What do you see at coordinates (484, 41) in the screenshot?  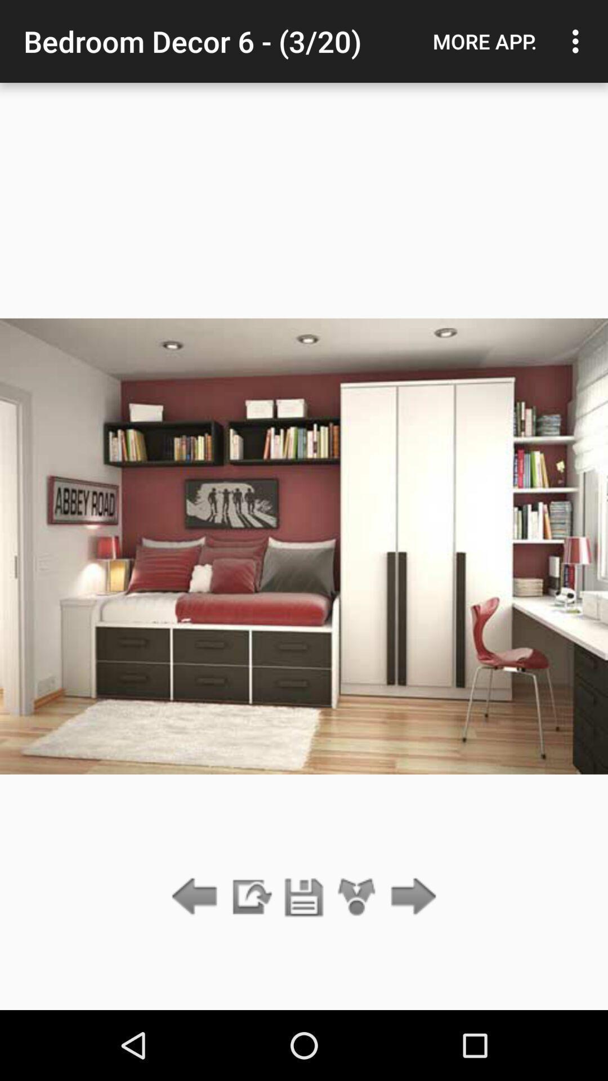 I see `the more app. item` at bounding box center [484, 41].